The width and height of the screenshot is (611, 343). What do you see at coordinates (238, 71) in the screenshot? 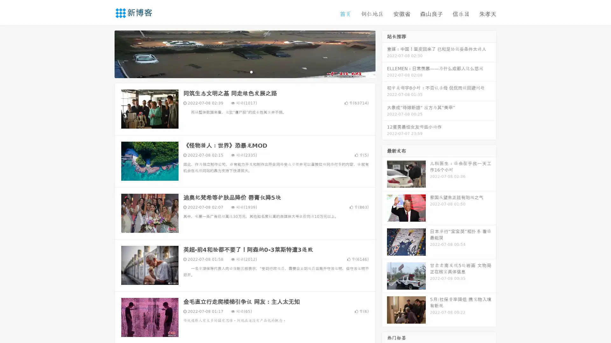
I see `Go to slide 1` at bounding box center [238, 71].